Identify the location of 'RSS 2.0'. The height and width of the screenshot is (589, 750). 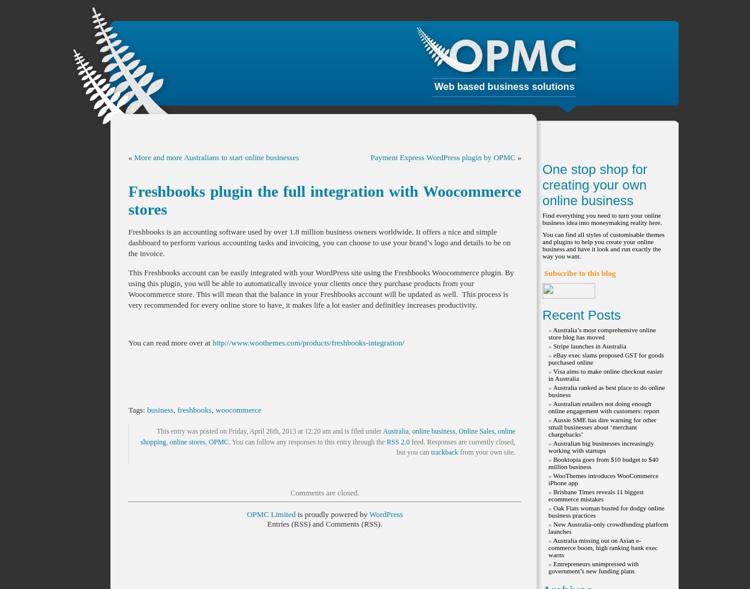
(386, 441).